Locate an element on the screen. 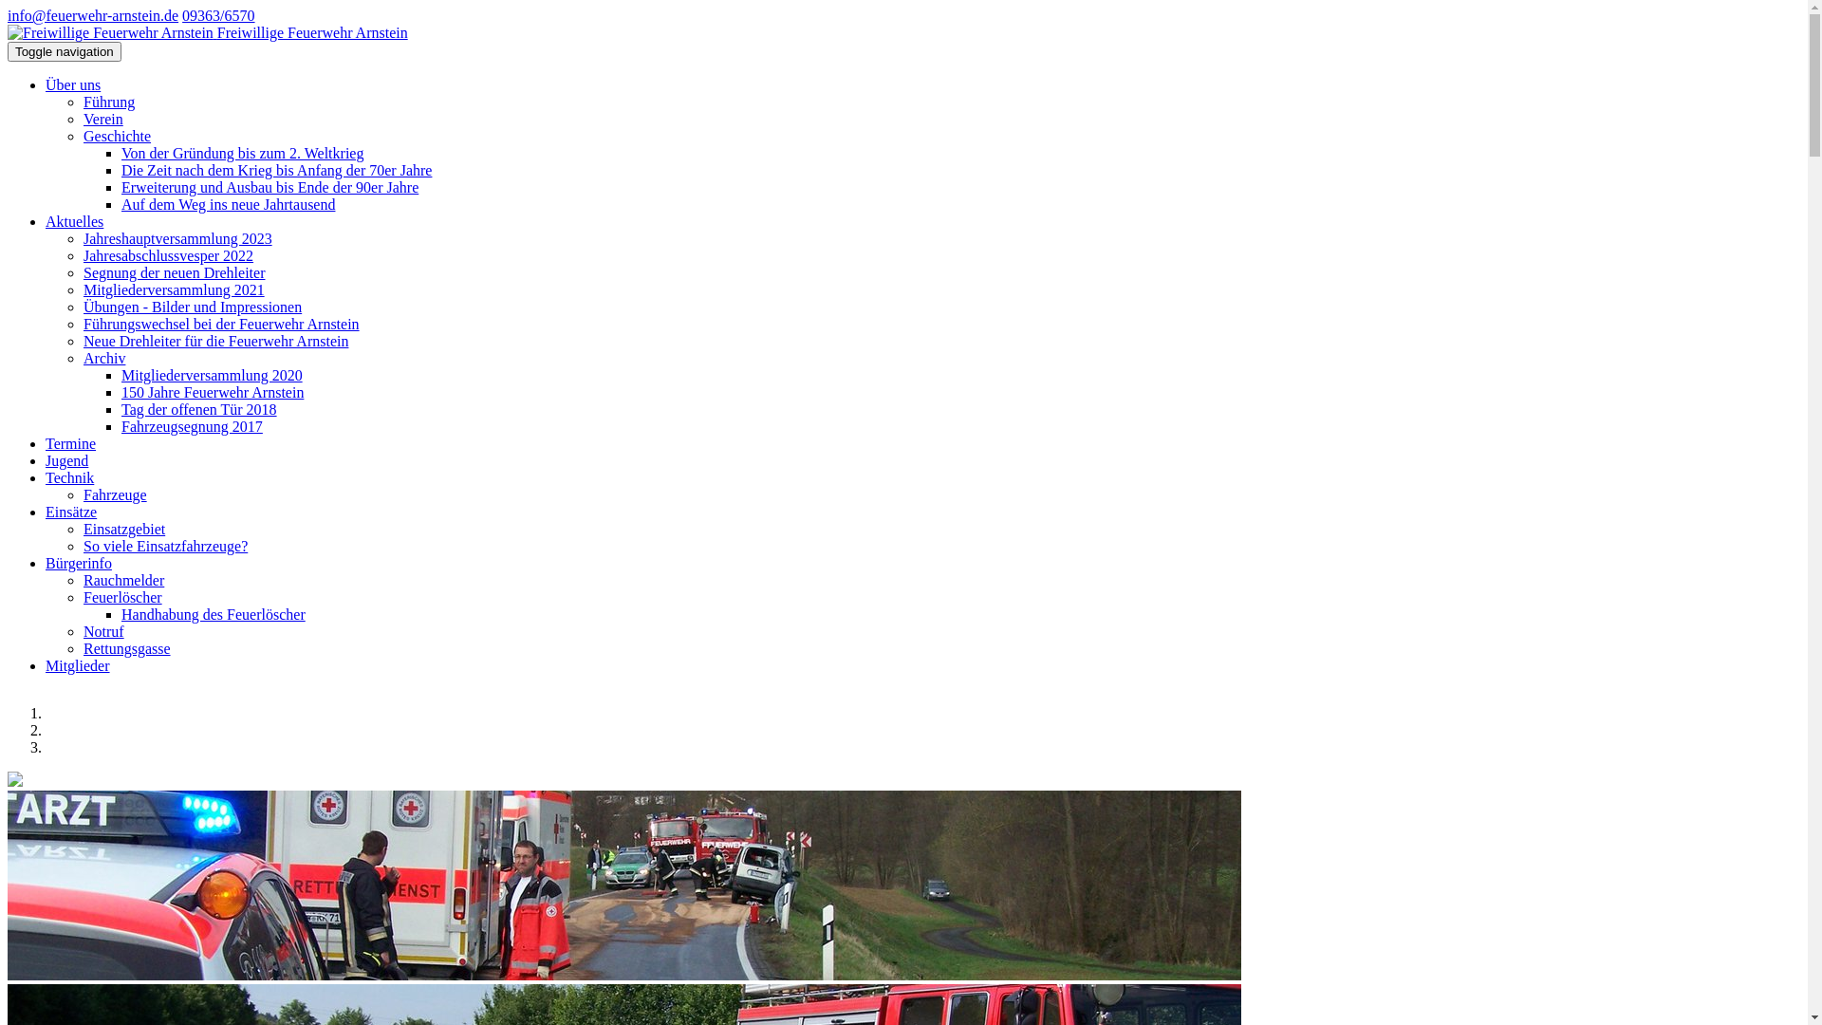  'Auf dem Weg ins neue Jahrtausend' is located at coordinates (228, 204).